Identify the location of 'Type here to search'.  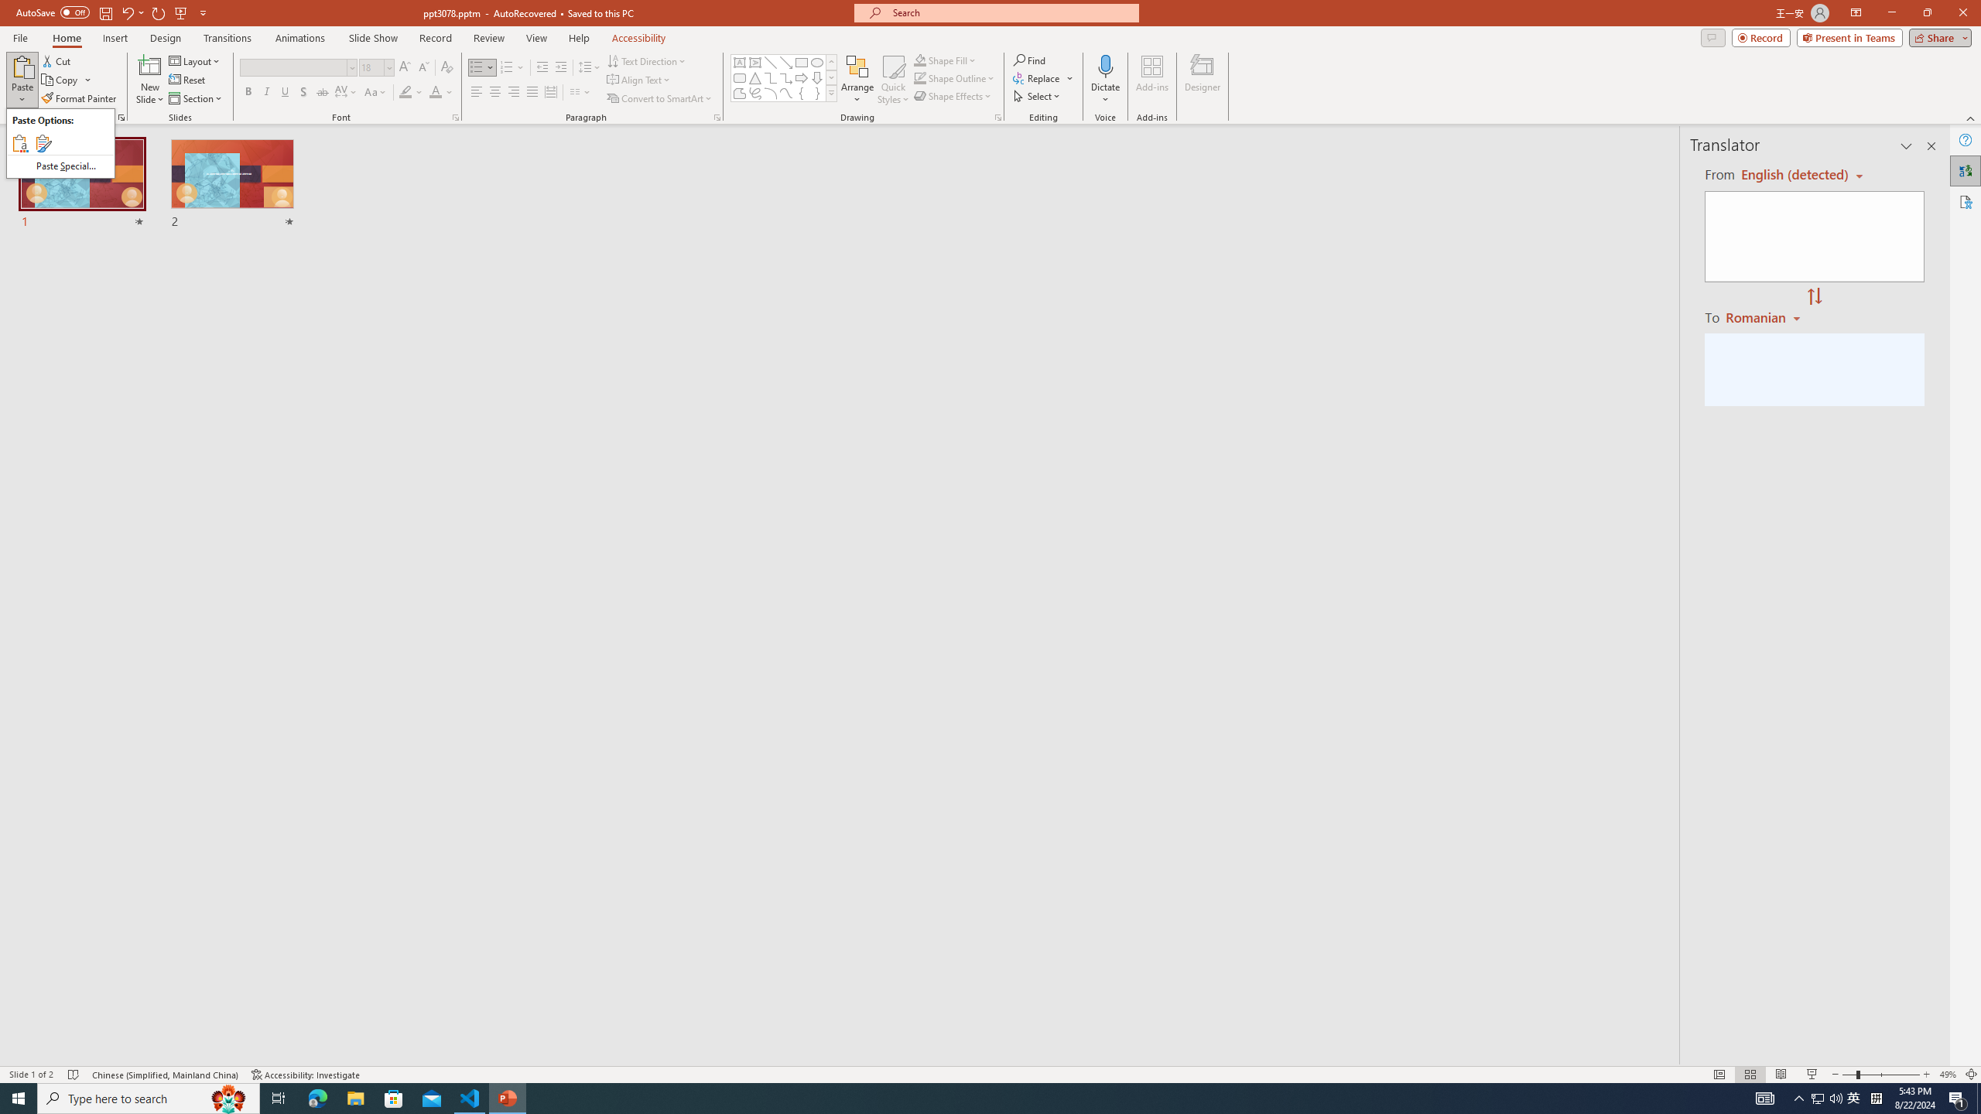
(148, 1097).